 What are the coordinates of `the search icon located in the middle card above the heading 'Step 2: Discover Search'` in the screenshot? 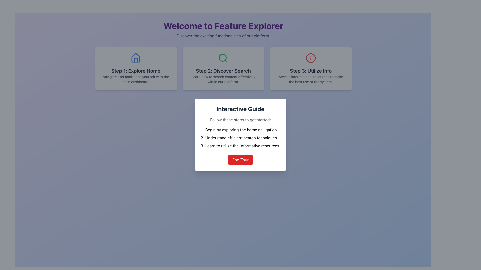 It's located at (223, 58).